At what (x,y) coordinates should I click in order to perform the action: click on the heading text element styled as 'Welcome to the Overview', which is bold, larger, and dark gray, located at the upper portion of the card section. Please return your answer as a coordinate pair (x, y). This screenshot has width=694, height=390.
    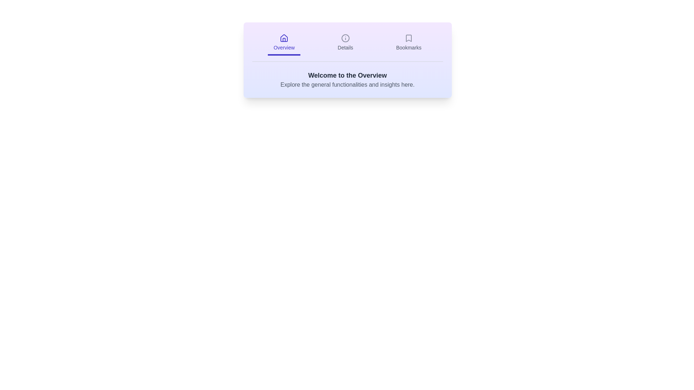
    Looking at the image, I should click on (347, 75).